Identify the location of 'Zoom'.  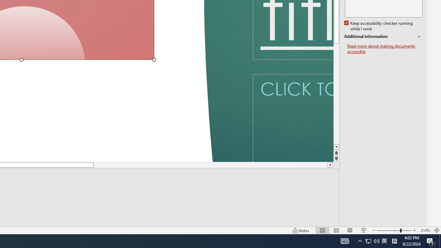
(394, 230).